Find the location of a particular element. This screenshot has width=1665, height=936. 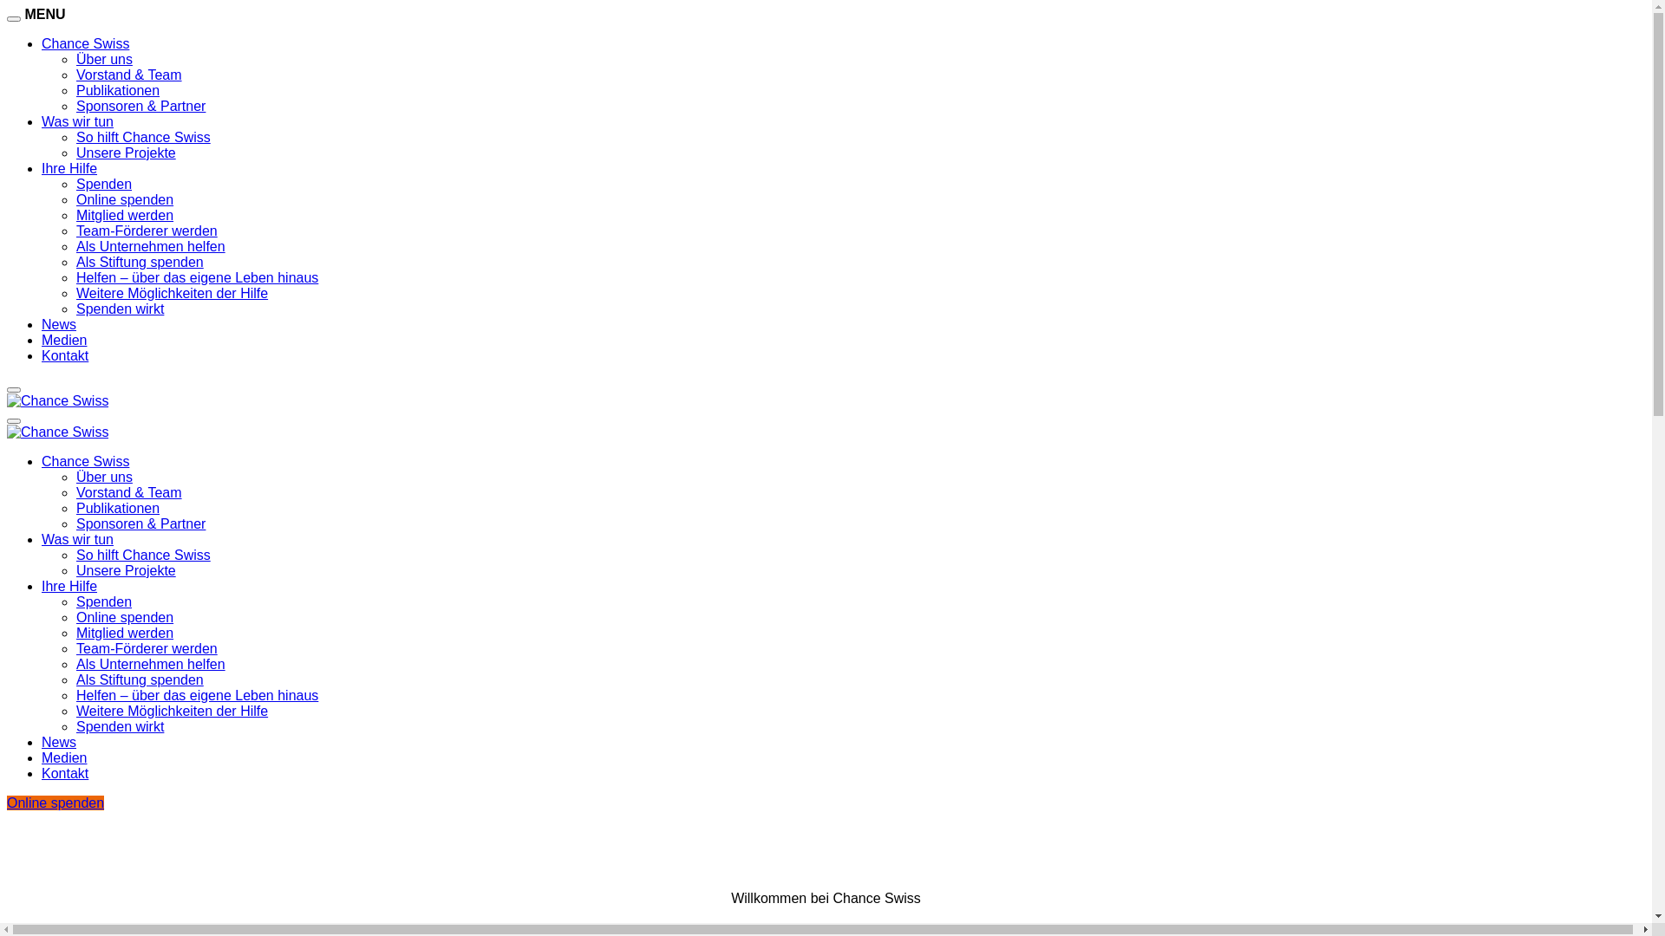

'News' is located at coordinates (58, 741).